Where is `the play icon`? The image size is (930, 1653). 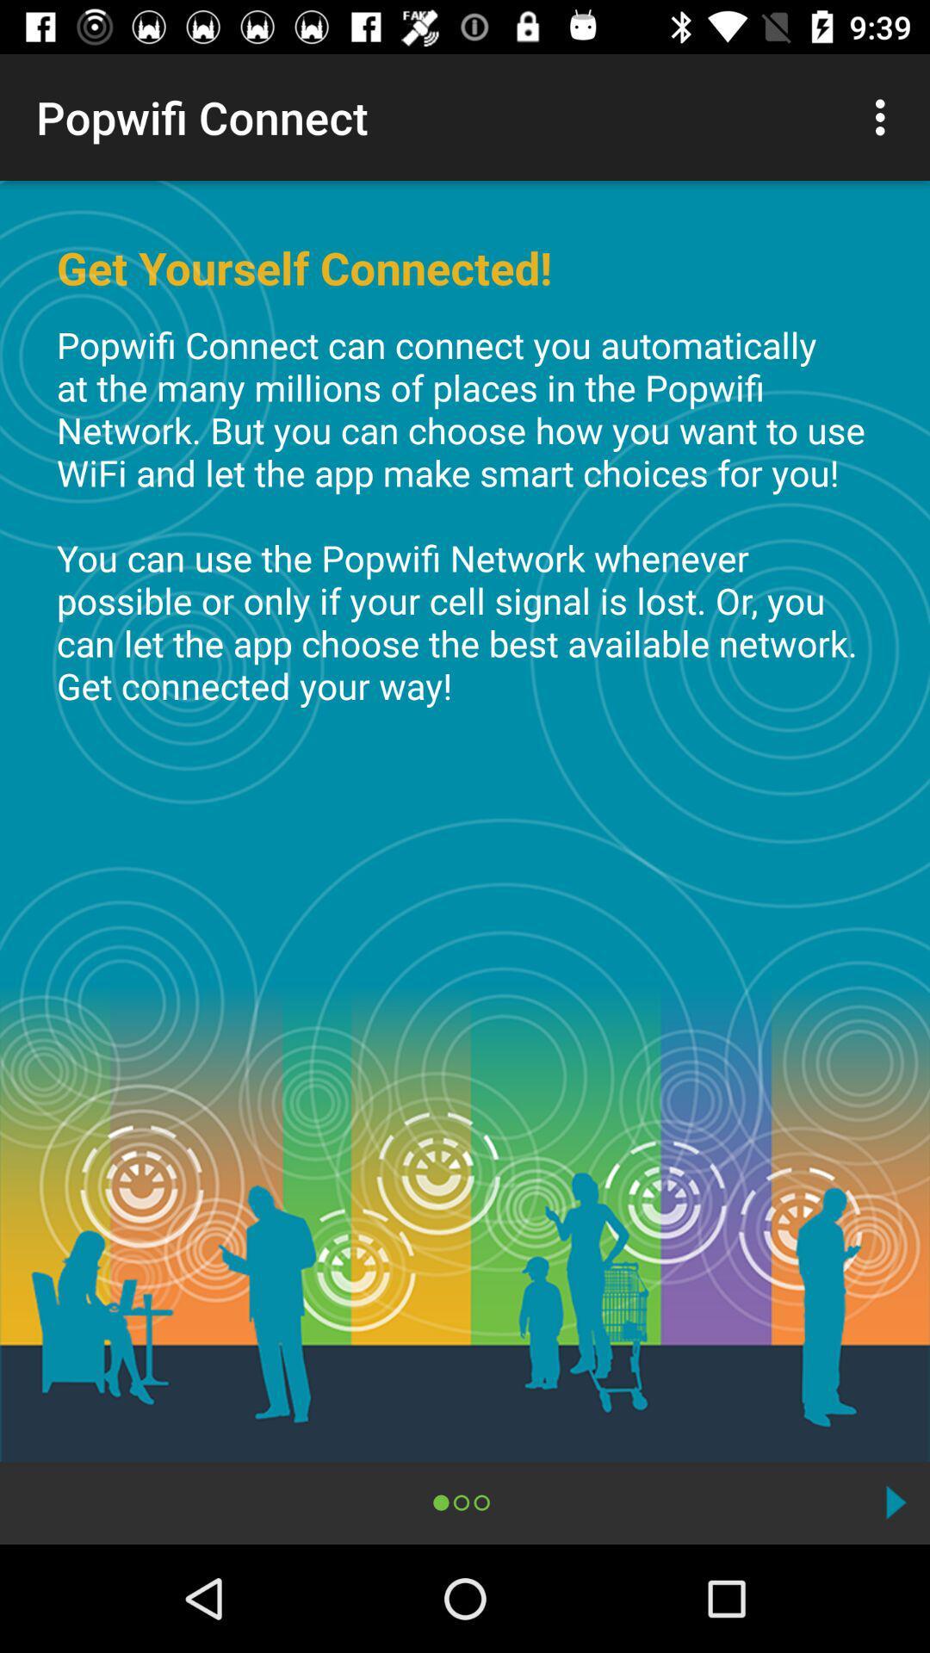
the play icon is located at coordinates (895, 1501).